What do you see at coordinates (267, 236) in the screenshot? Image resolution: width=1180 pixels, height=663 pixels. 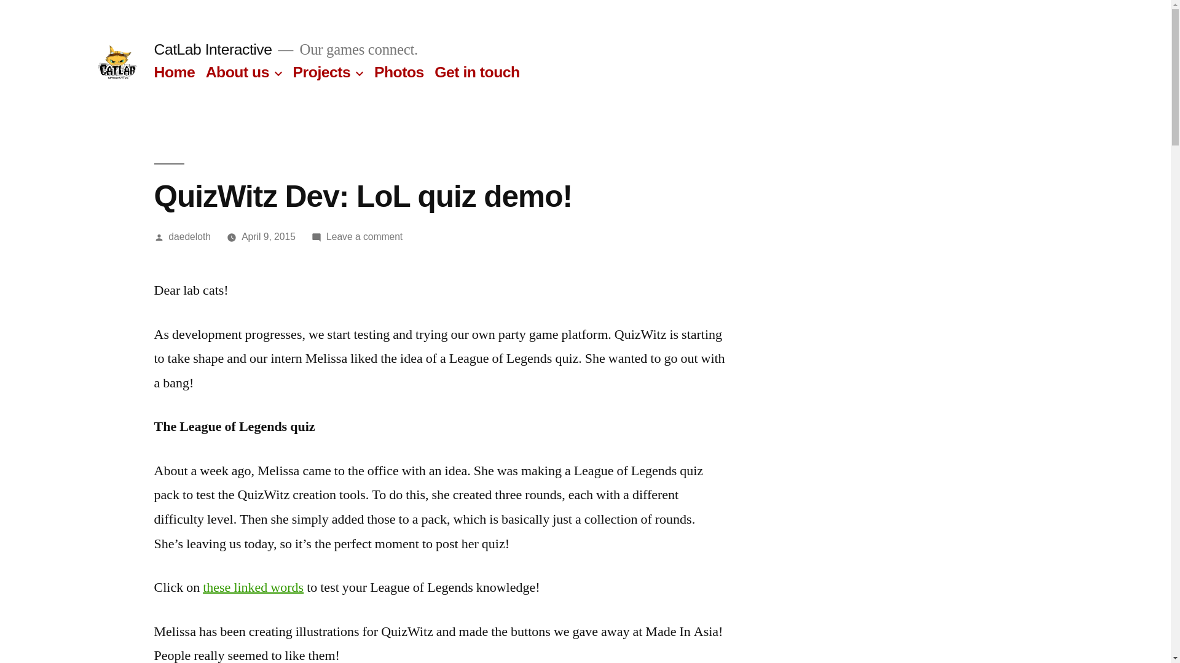 I see `'April 9, 2015'` at bounding box center [267, 236].